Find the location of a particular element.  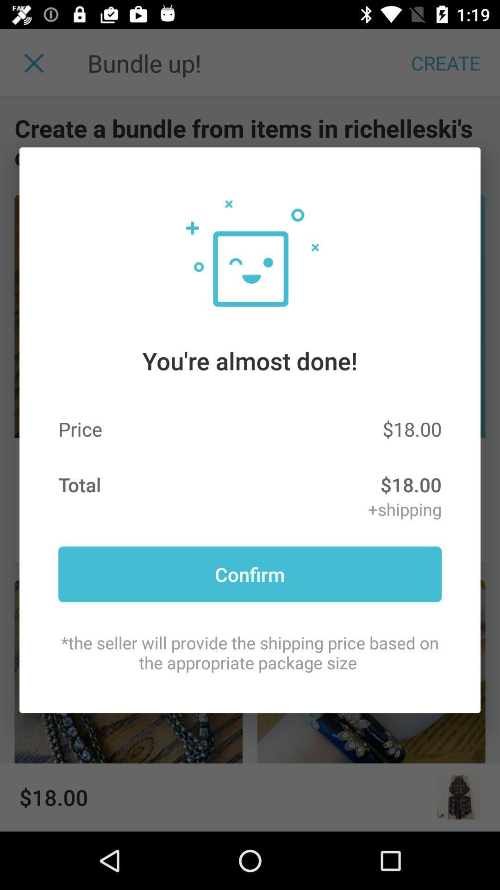

the confirm is located at coordinates (250, 573).